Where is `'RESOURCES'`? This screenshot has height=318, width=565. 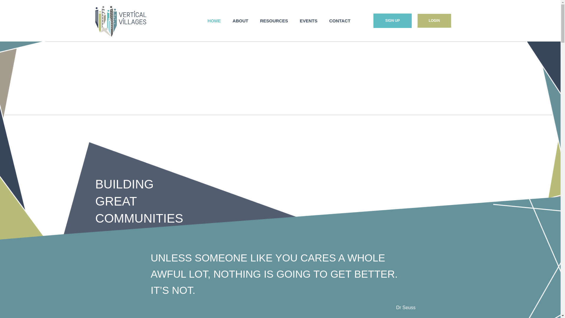
'RESOURCES' is located at coordinates (274, 20).